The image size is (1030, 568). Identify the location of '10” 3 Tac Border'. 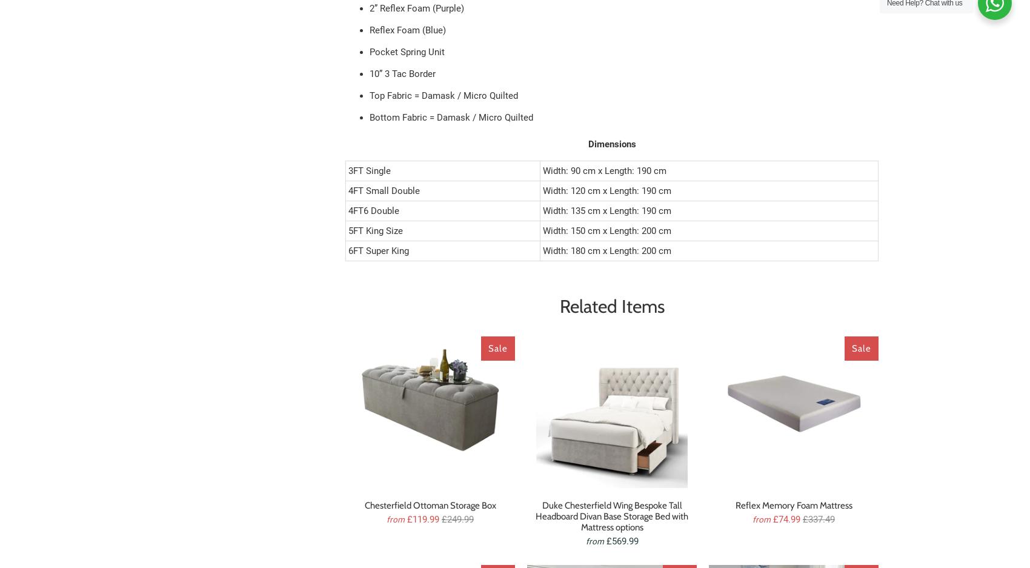
(402, 73).